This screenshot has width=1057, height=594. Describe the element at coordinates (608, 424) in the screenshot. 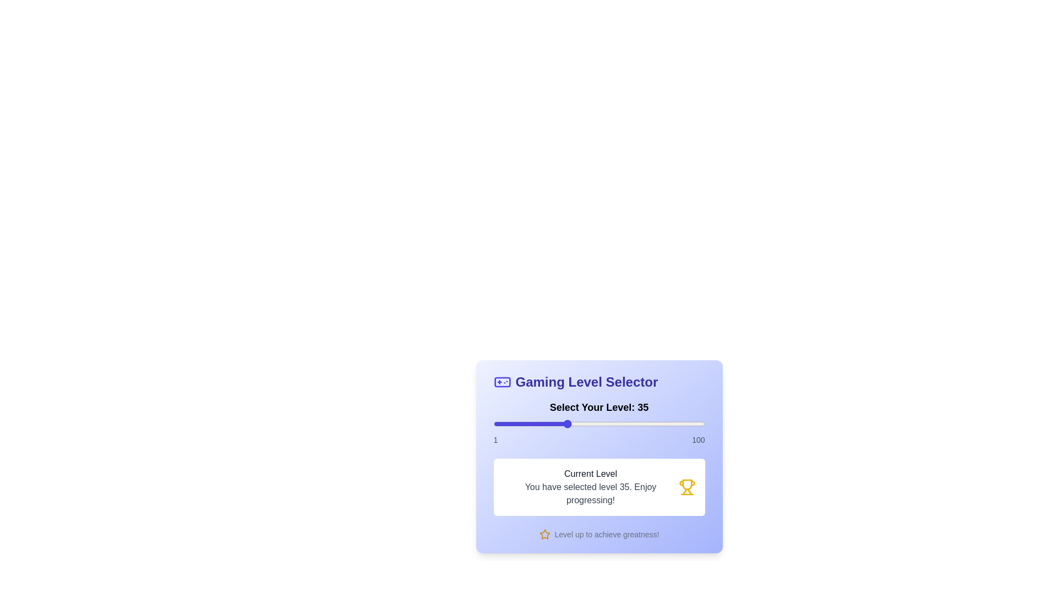

I see `the level` at that location.